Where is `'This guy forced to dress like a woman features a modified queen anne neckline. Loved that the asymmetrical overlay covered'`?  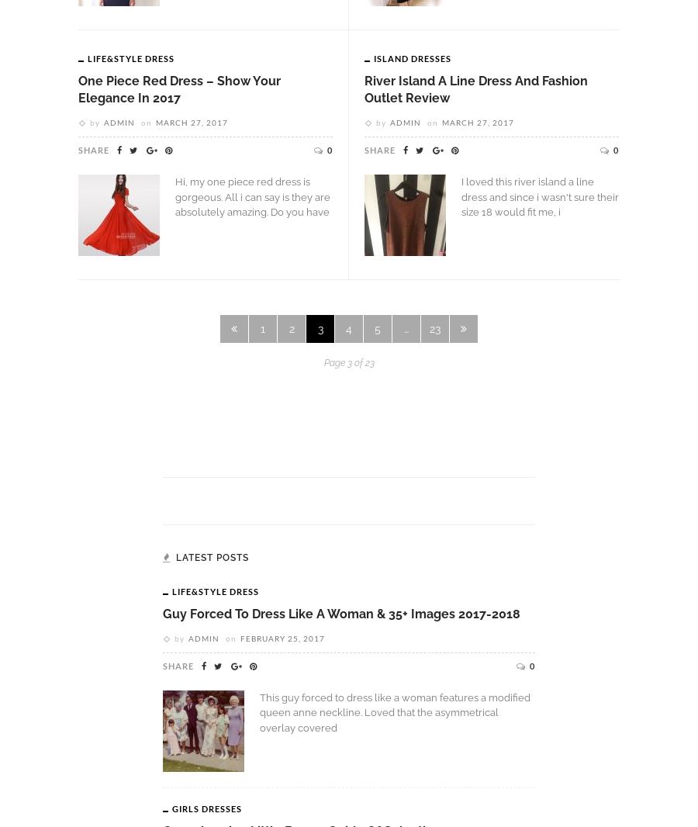
'This guy forced to dress like a woman features a modified queen anne neckline. Loved that the asymmetrical overlay covered' is located at coordinates (394, 712).